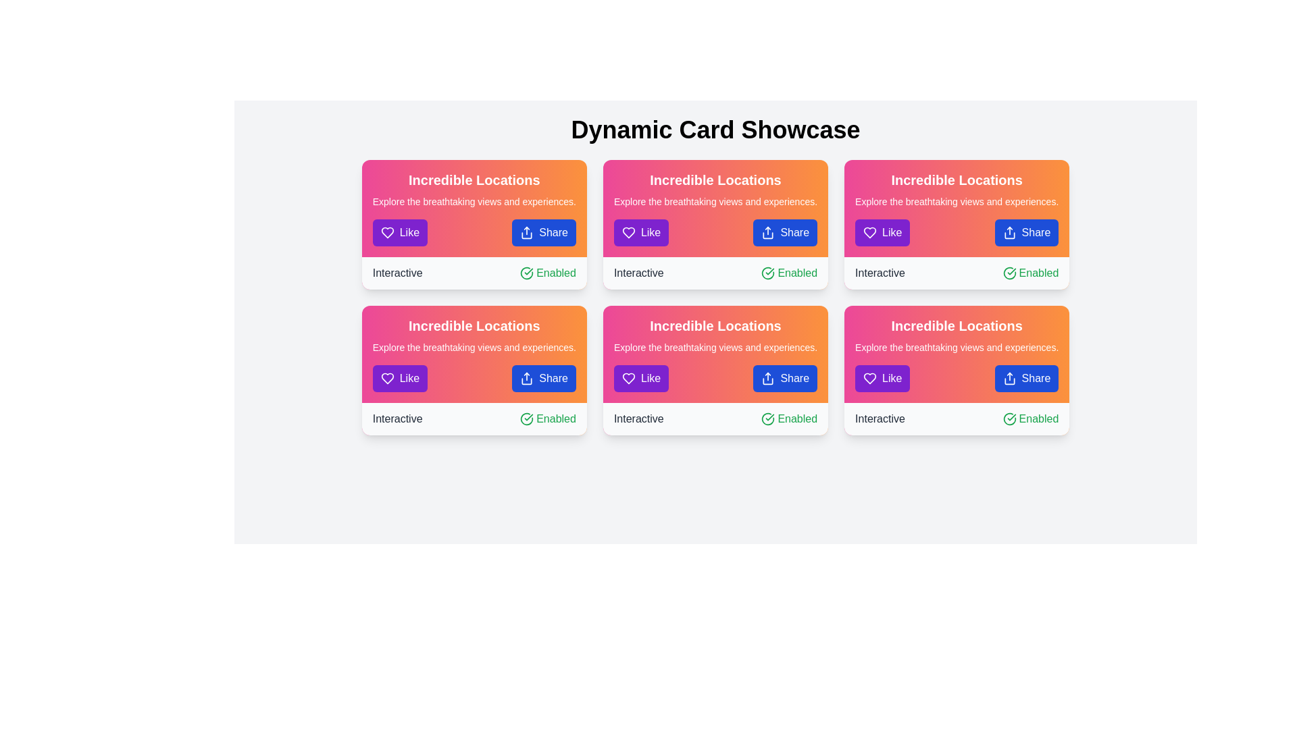 This screenshot has height=729, width=1297. What do you see at coordinates (628, 378) in the screenshot?
I see `the 'Like' icon located at the bottom left area of the card, next to the text 'Like', to express appreciation for the content` at bounding box center [628, 378].